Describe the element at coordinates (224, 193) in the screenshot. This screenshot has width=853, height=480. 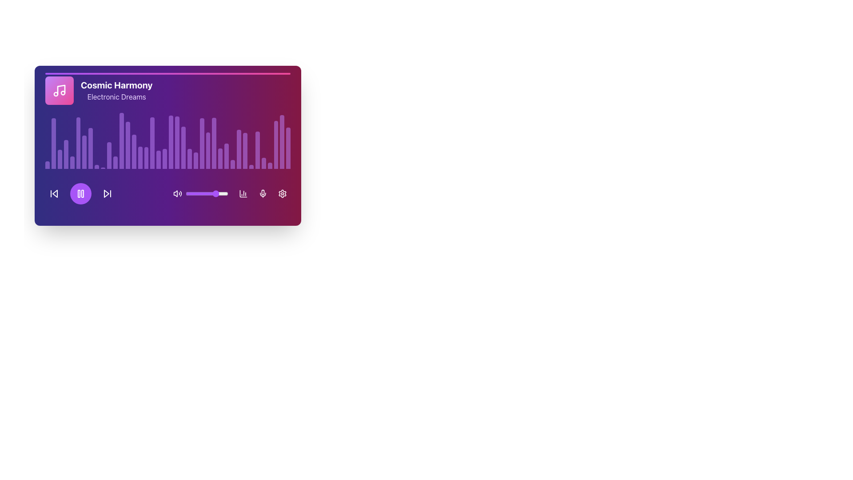
I see `the volume level` at that location.